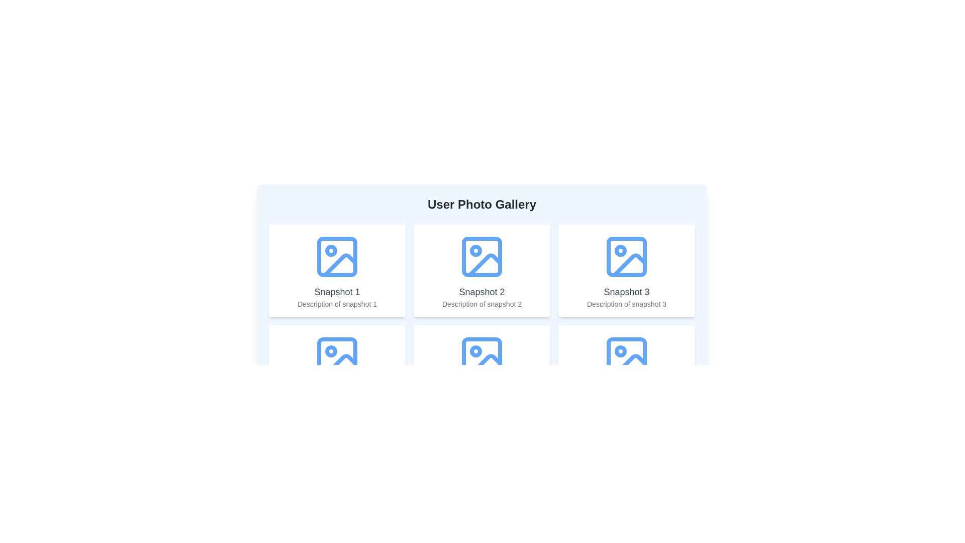 The width and height of the screenshot is (965, 543). I want to click on the blue slanted line icon in the third panel of the top row of the user photo gallery labeled 'Snapshot 3', so click(629, 264).